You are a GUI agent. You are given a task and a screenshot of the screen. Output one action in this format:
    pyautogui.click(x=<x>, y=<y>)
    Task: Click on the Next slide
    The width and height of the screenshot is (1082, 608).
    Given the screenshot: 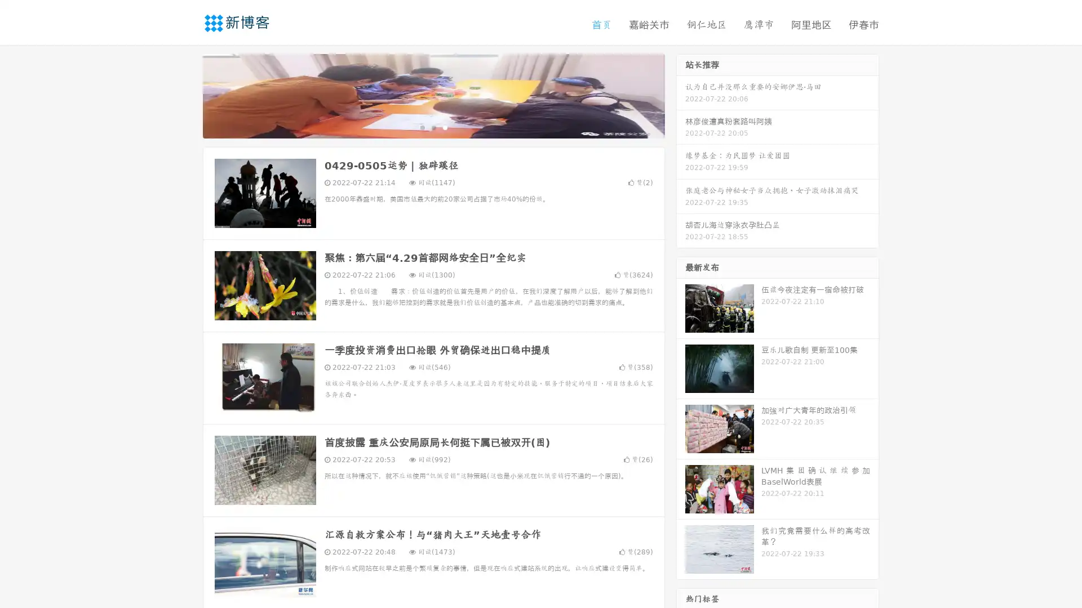 What is the action you would take?
    pyautogui.click(x=681, y=95)
    